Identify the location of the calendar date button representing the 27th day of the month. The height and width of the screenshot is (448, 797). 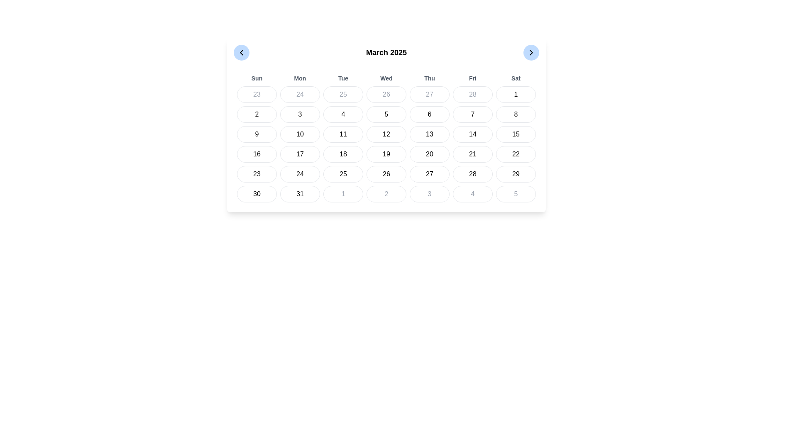
(430, 94).